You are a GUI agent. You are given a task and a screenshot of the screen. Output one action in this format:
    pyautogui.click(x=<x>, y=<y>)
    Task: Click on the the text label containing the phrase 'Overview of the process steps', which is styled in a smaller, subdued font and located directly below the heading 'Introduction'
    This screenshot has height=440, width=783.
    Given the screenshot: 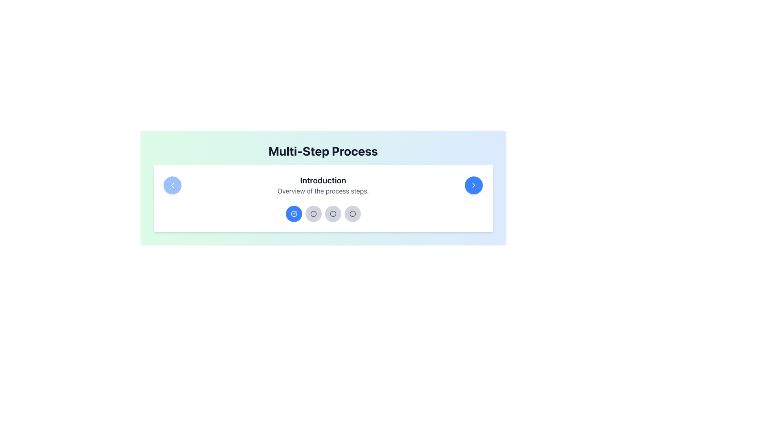 What is the action you would take?
    pyautogui.click(x=323, y=191)
    